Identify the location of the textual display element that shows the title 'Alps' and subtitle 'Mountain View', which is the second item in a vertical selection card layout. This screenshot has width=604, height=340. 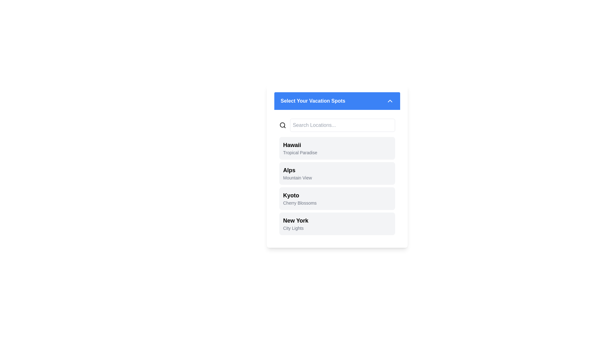
(297, 173).